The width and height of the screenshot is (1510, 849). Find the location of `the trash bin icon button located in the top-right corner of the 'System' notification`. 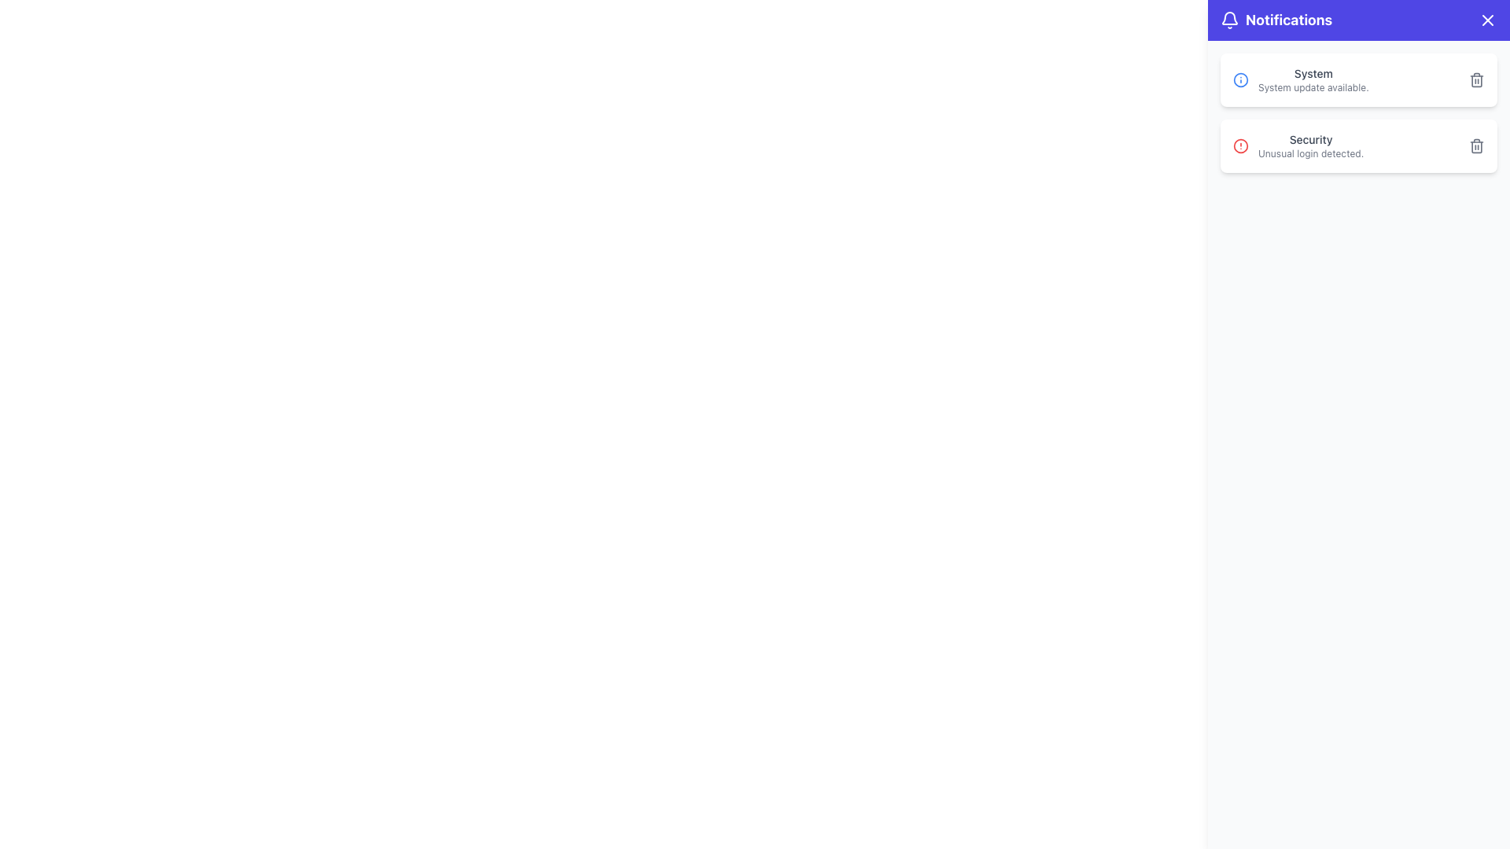

the trash bin icon button located in the top-right corner of the 'System' notification is located at coordinates (1475, 79).